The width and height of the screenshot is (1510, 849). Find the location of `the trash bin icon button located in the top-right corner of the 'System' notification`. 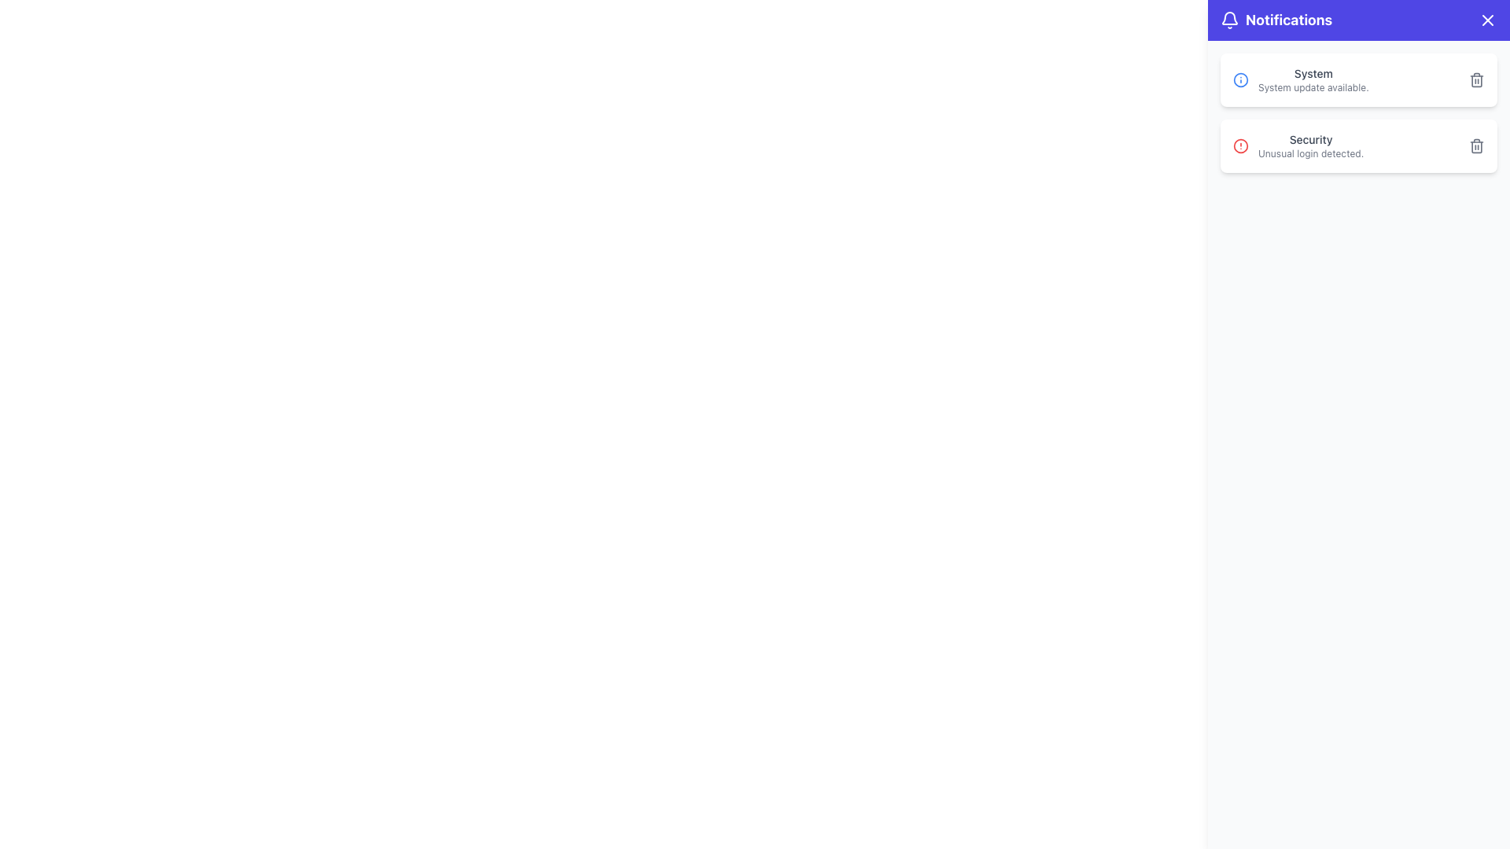

the trash bin icon button located in the top-right corner of the 'System' notification is located at coordinates (1475, 79).